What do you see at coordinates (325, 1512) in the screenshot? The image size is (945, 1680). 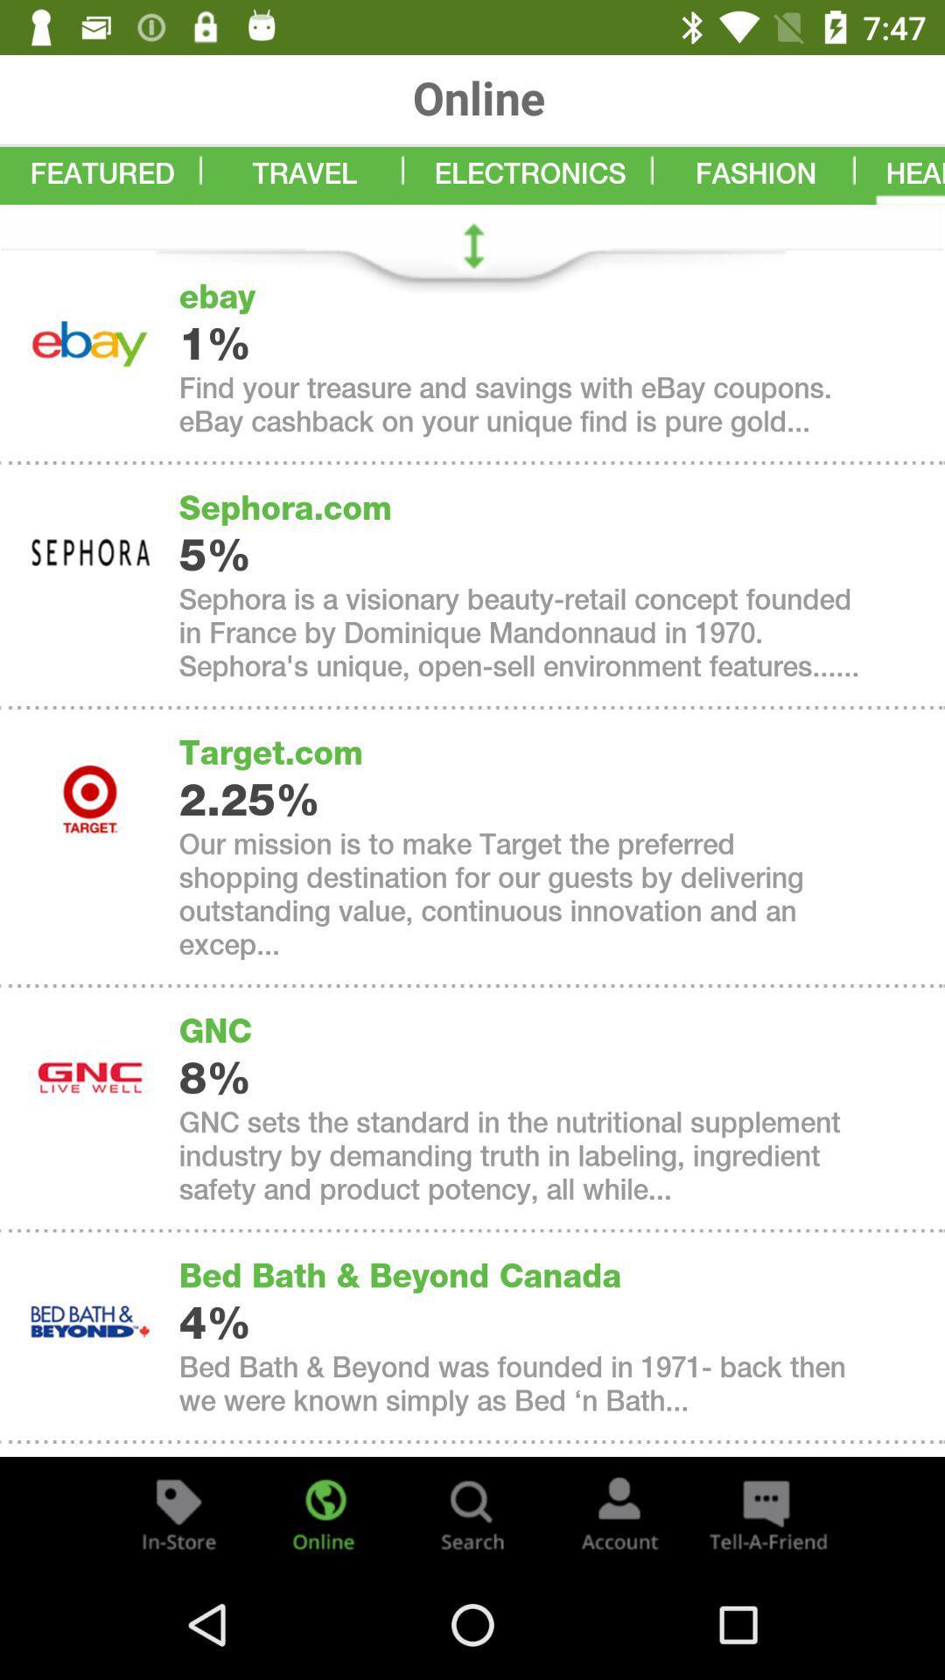 I see `the globe icon` at bounding box center [325, 1512].